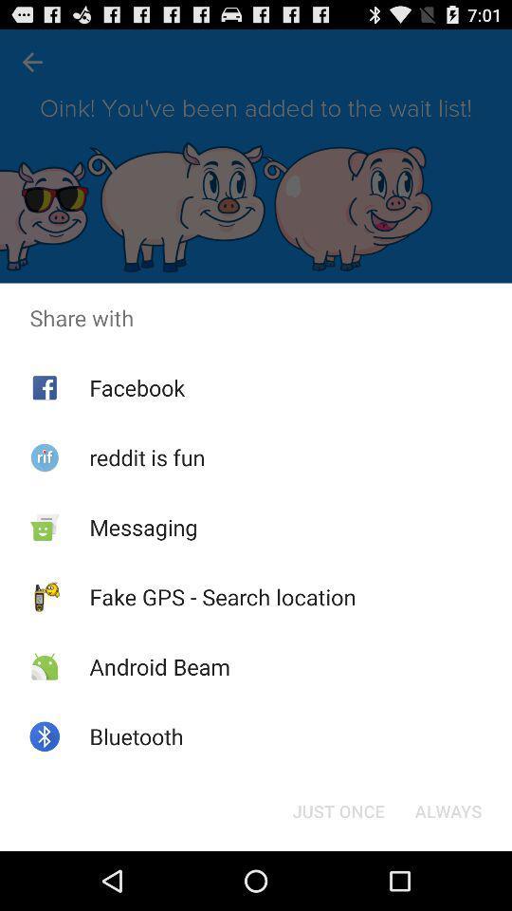 This screenshot has width=512, height=911. I want to click on the app below the reddit is fun app, so click(142, 527).